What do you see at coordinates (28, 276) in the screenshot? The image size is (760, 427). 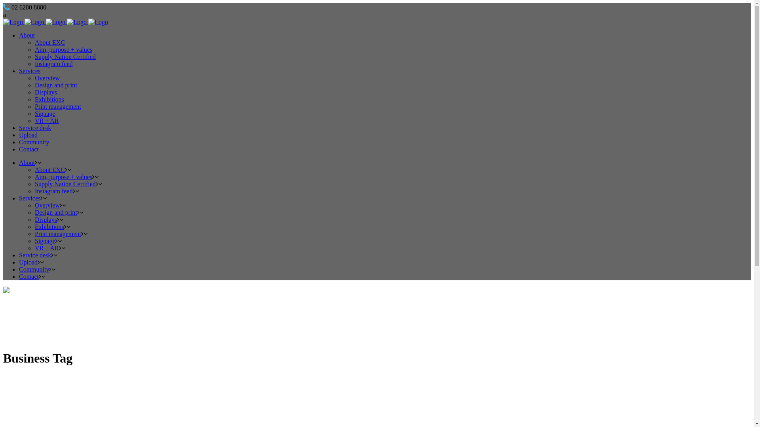 I see `'Contact'` at bounding box center [28, 276].